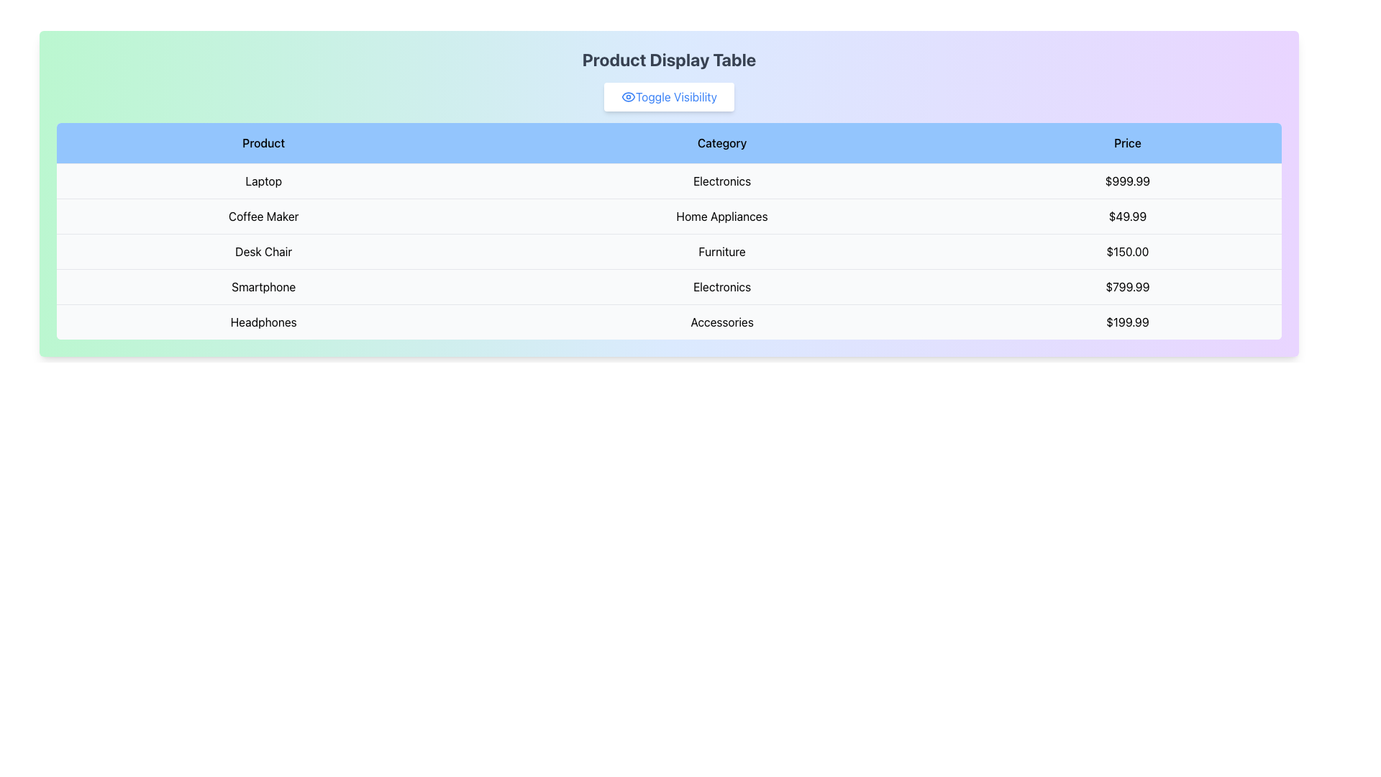 This screenshot has height=777, width=1381. What do you see at coordinates (1126, 321) in the screenshot?
I see `the static text displaying the price of 'Headphones' located in the rightmost cell of the product details table` at bounding box center [1126, 321].